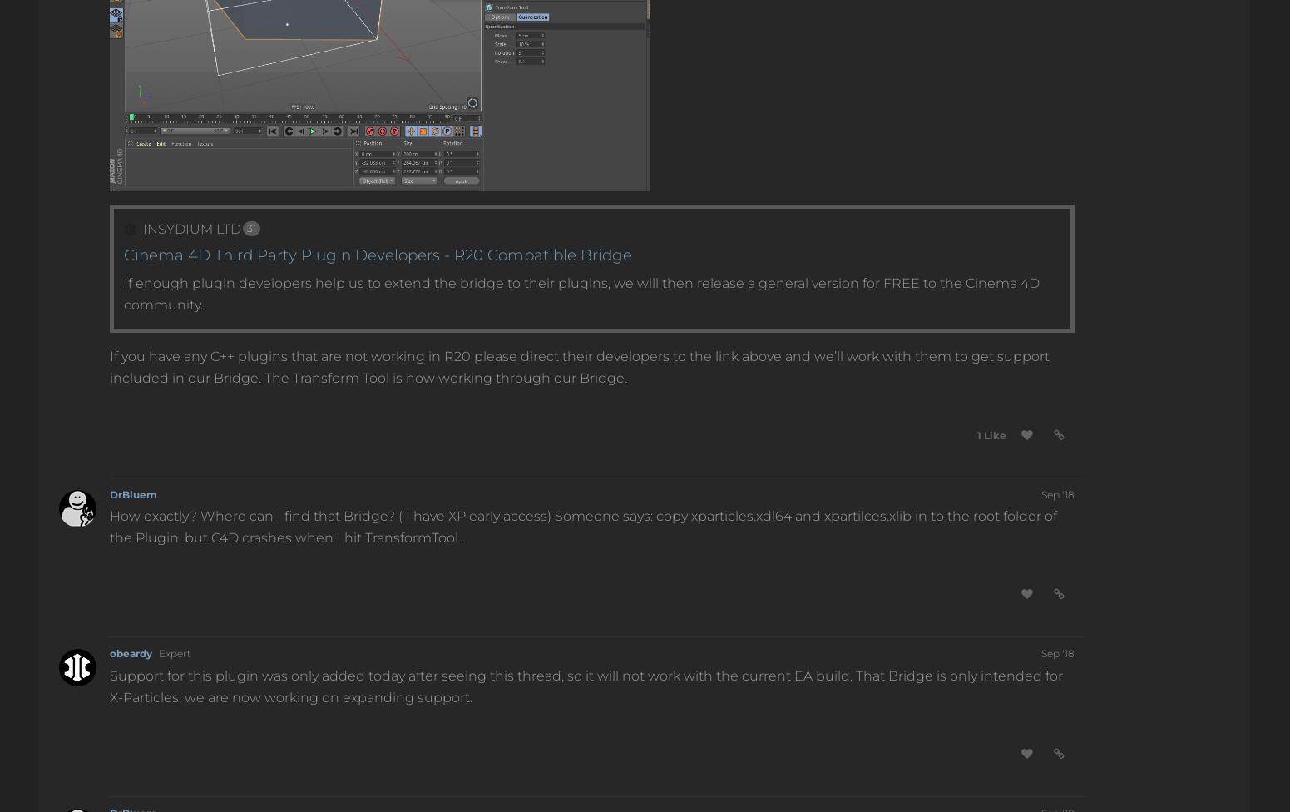 The image size is (1290, 812). What do you see at coordinates (109, 365) in the screenshot?
I see `'If you have any C++ plugins that are not working in R20 please direct their developers to the link above and we’ll work with them to get support included in our Bridge. The Transform Tool is now working through our Bridge.'` at bounding box center [109, 365].